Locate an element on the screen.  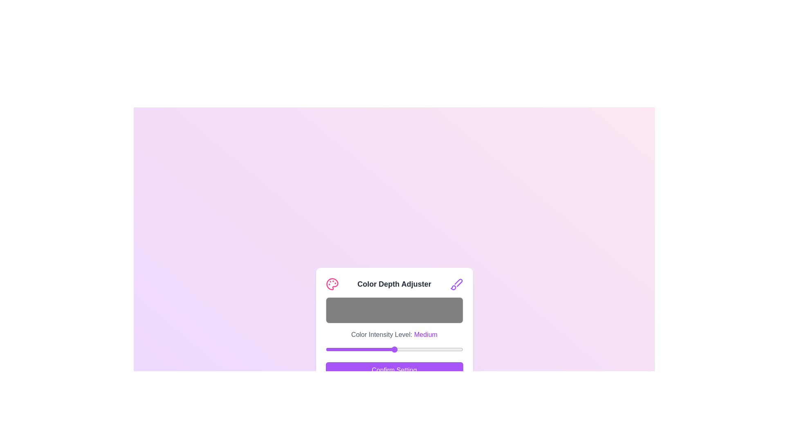
the color intensity slider to 34 where 34 is a value between 0 and 255 is located at coordinates (344, 349).